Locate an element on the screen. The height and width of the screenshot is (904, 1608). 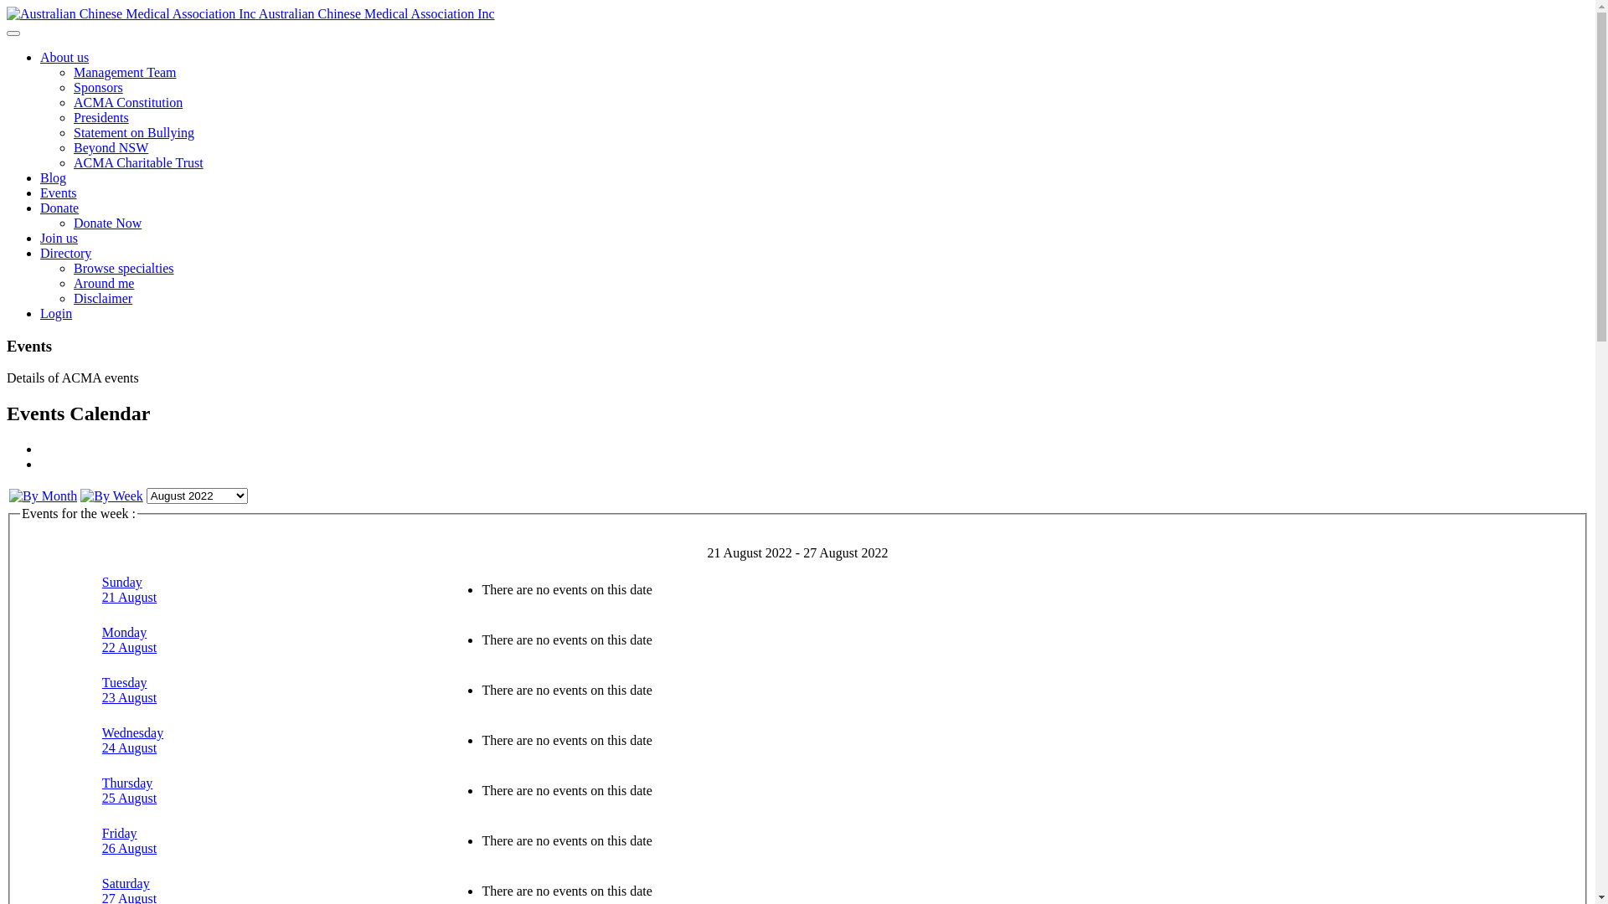
'Statement on Bullying' is located at coordinates (132, 131).